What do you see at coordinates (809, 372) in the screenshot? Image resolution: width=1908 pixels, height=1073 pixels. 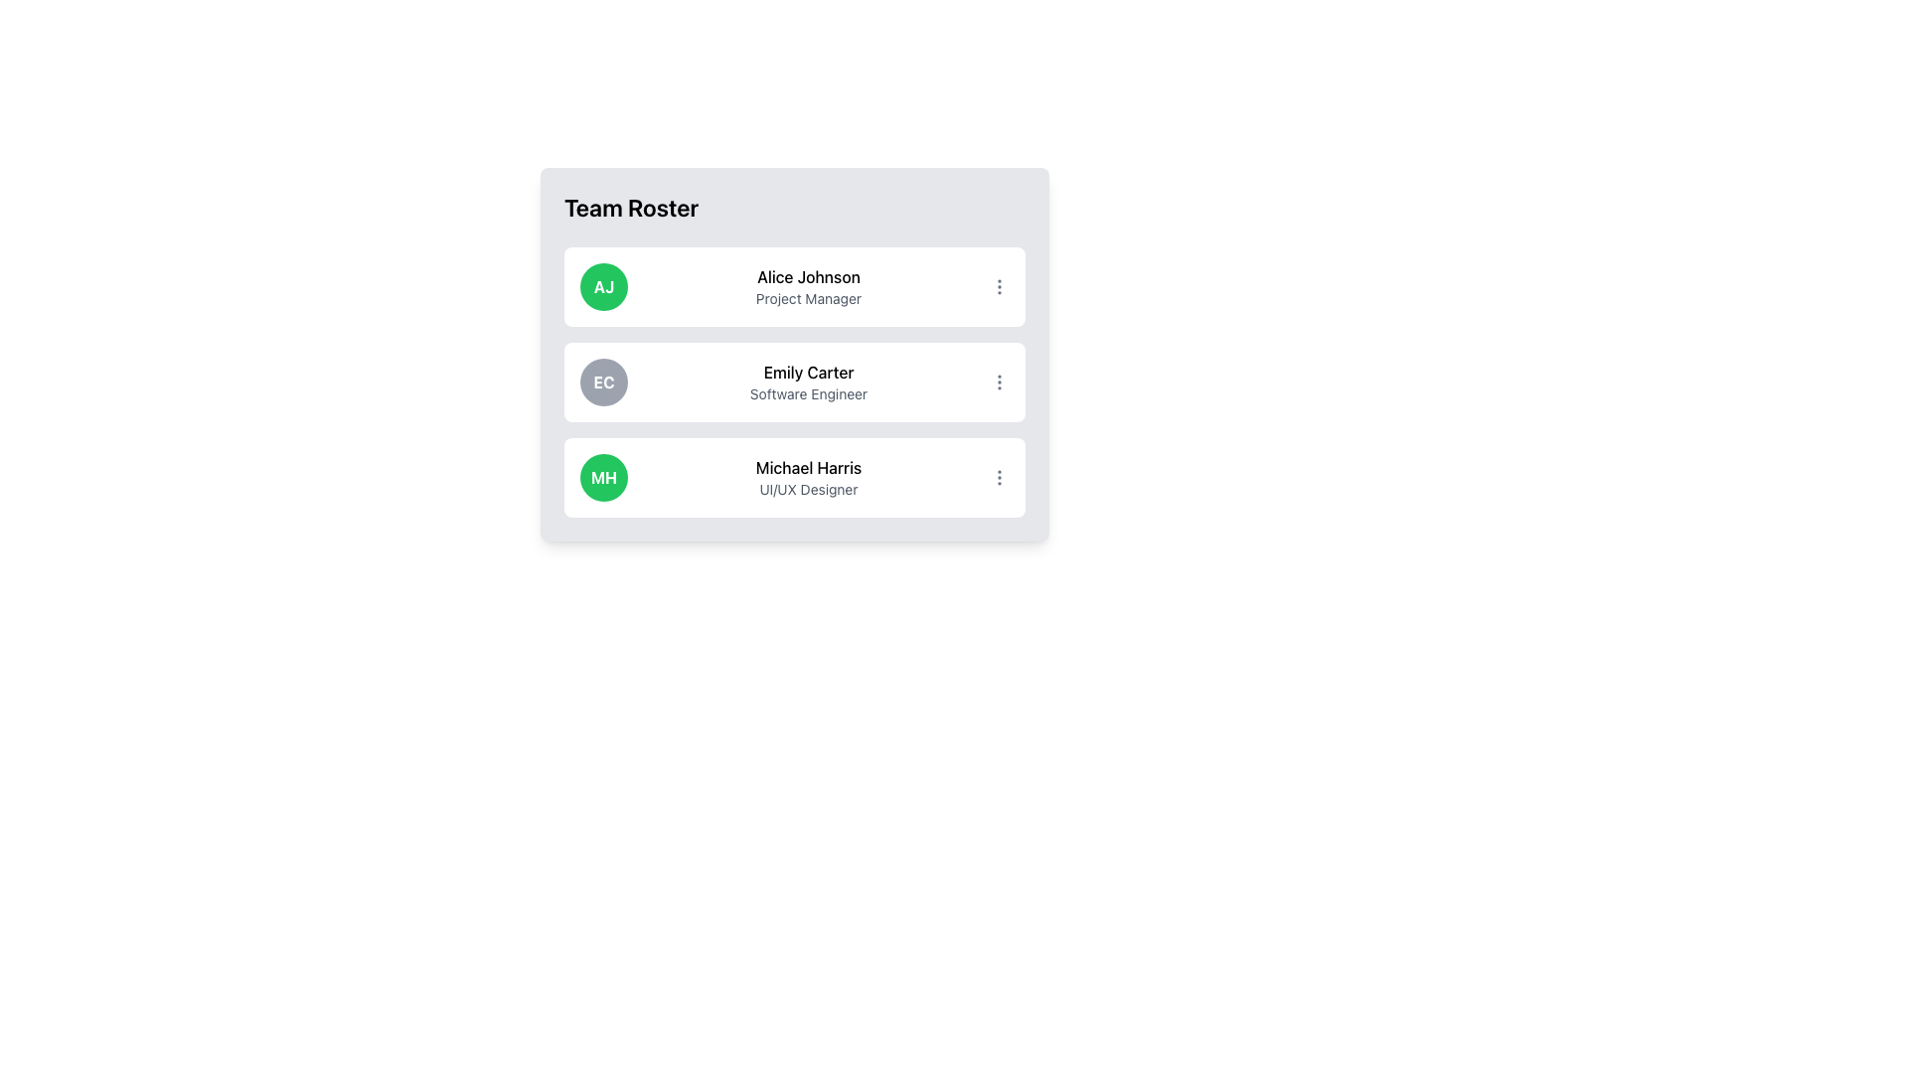 I see `the text label for an individual in the team roster, which is located to the right of the 'EC' avatar and above the 'Software Engineer' text` at bounding box center [809, 372].